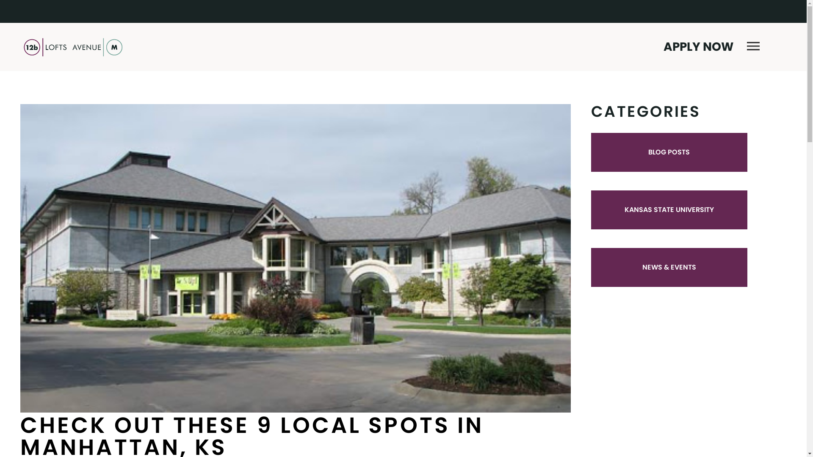 Image resolution: width=813 pixels, height=457 pixels. What do you see at coordinates (642, 267) in the screenshot?
I see `'NEWS & EVENTS'` at bounding box center [642, 267].